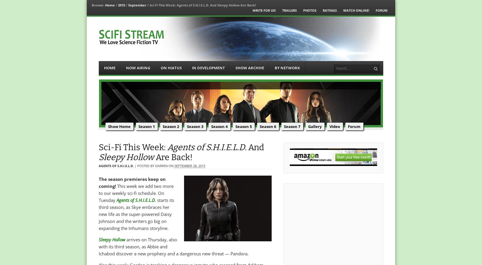 This screenshot has width=482, height=265. I want to click on 'On Hiatus', so click(170, 68).